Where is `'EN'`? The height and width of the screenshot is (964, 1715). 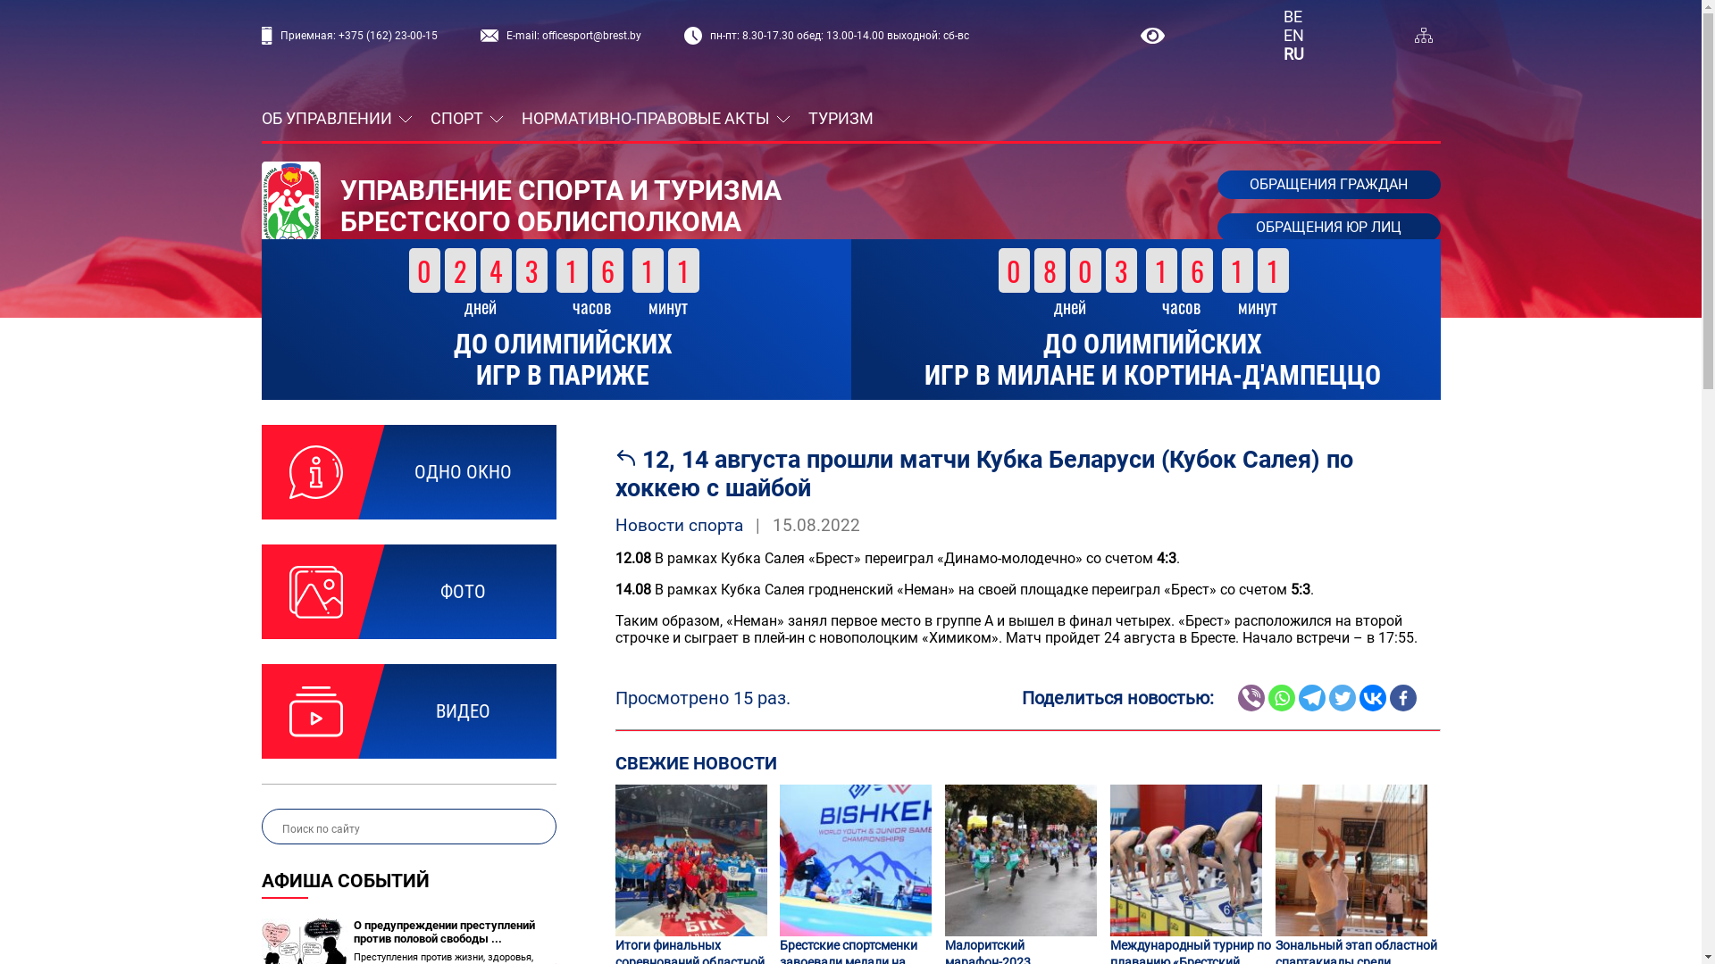 'EN' is located at coordinates (1282, 35).